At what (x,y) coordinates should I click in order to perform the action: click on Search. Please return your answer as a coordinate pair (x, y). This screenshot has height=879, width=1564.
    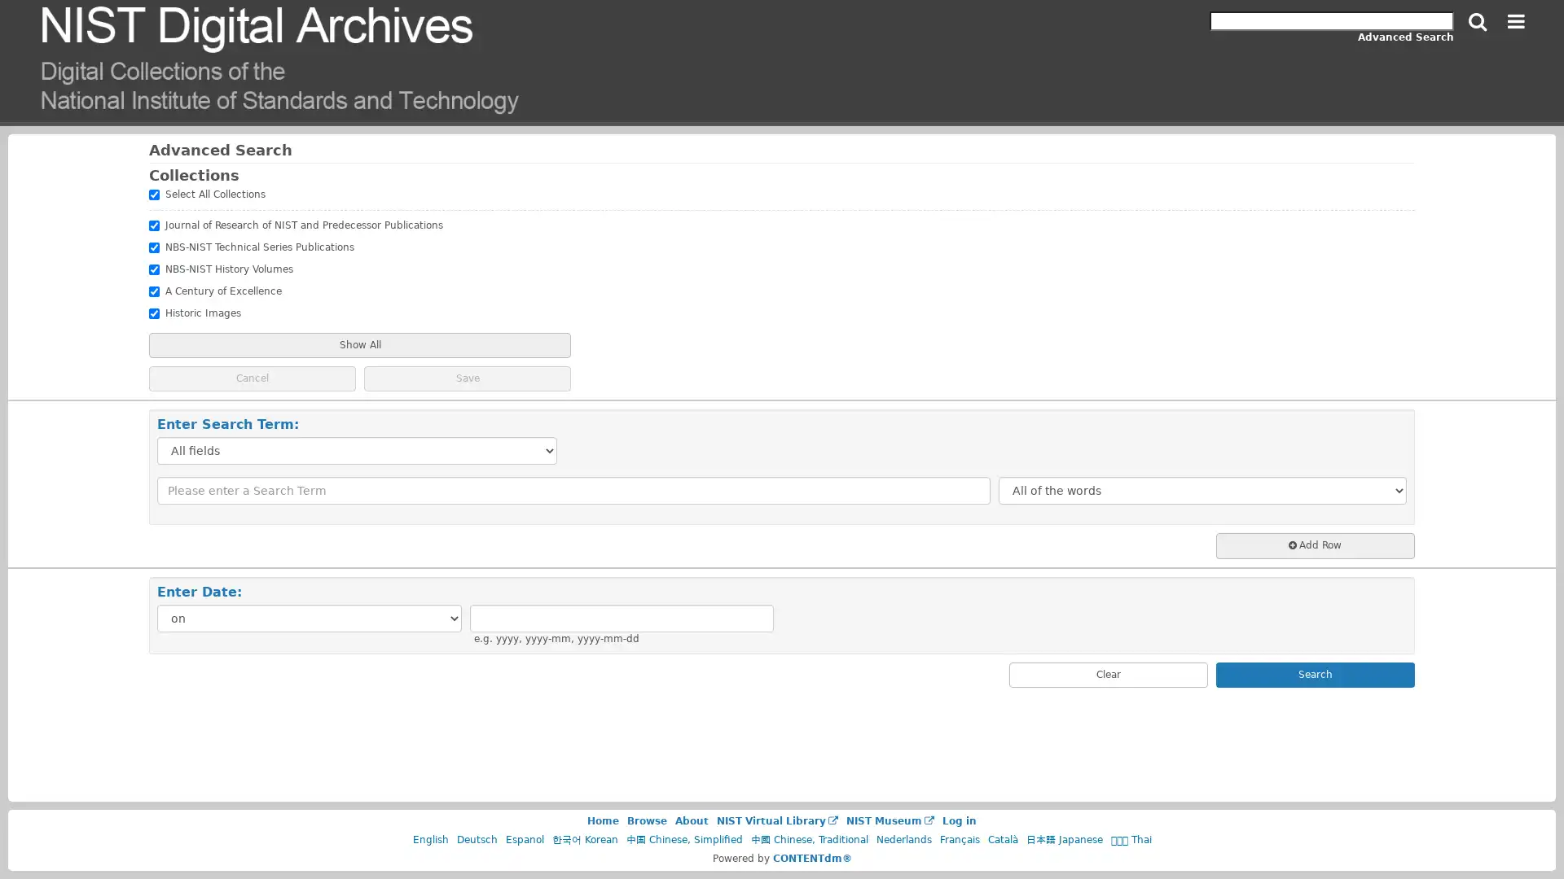
    Looking at the image, I should click on (1314, 675).